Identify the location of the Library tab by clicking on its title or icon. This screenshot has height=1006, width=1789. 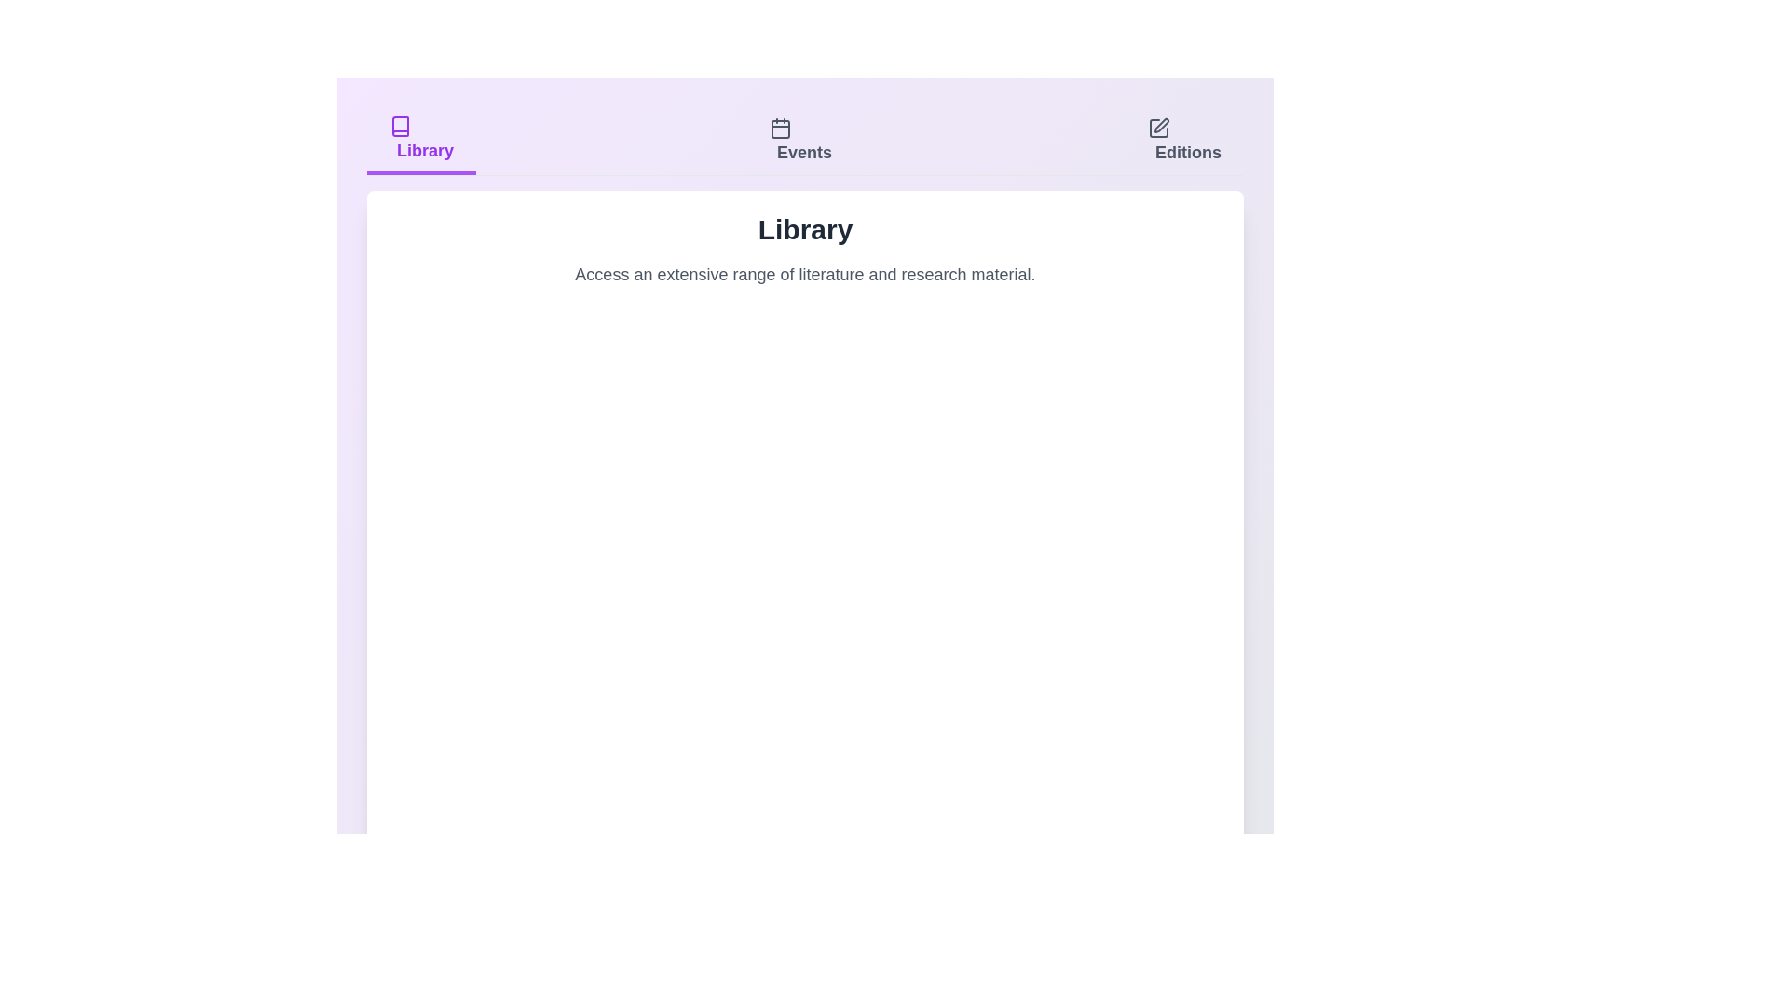
(420, 140).